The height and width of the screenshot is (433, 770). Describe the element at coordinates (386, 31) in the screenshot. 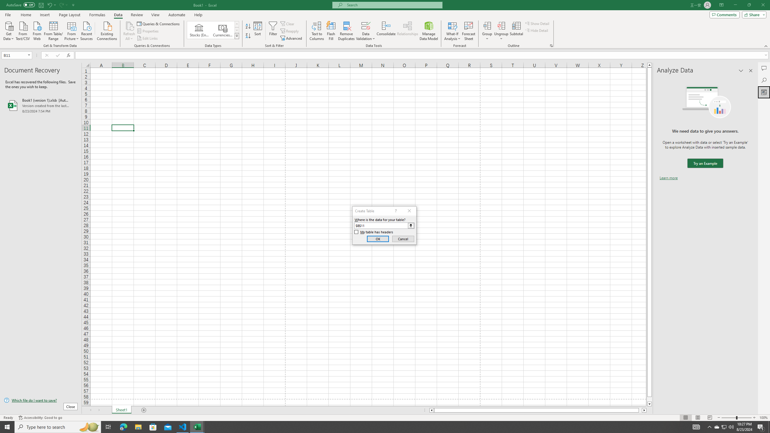

I see `'Consolidate...'` at that location.